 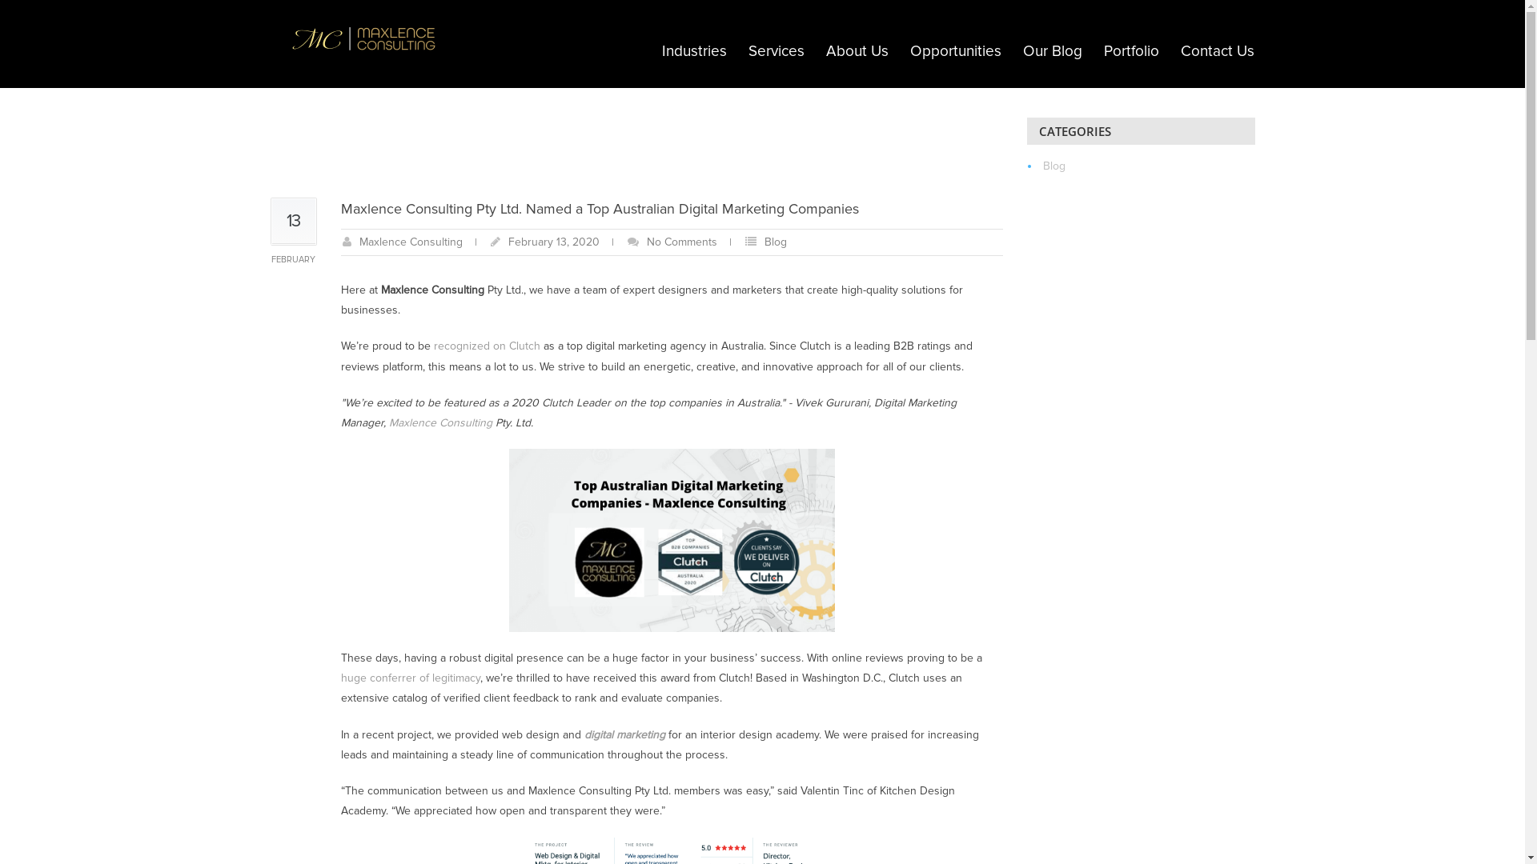 What do you see at coordinates (694, 50) in the screenshot?
I see `'Industries'` at bounding box center [694, 50].